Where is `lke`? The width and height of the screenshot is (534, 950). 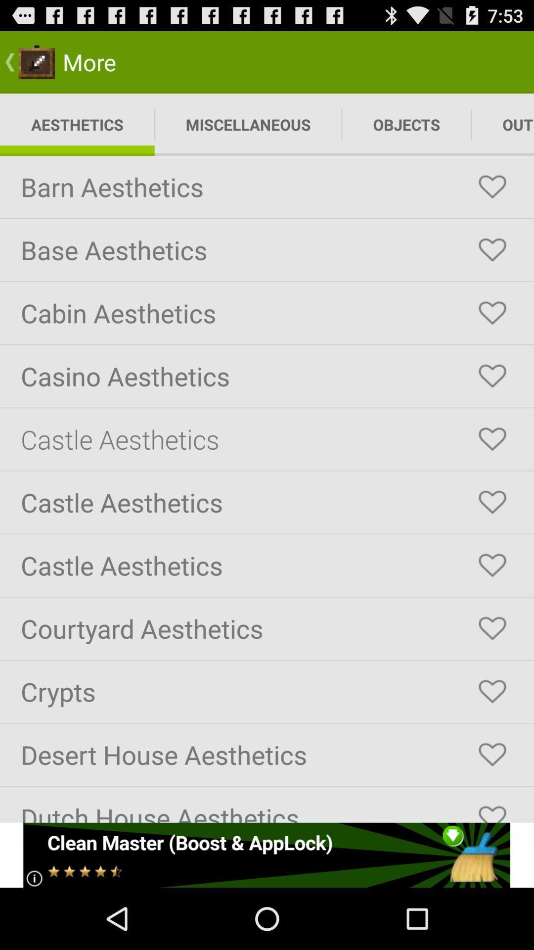
lke is located at coordinates (492, 439).